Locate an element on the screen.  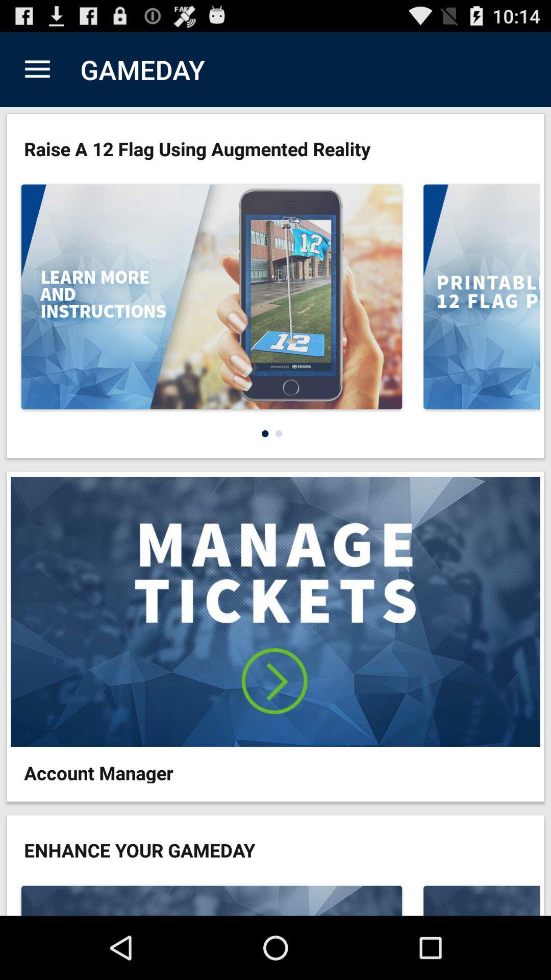
item to the left of the gameday is located at coordinates (37, 69).